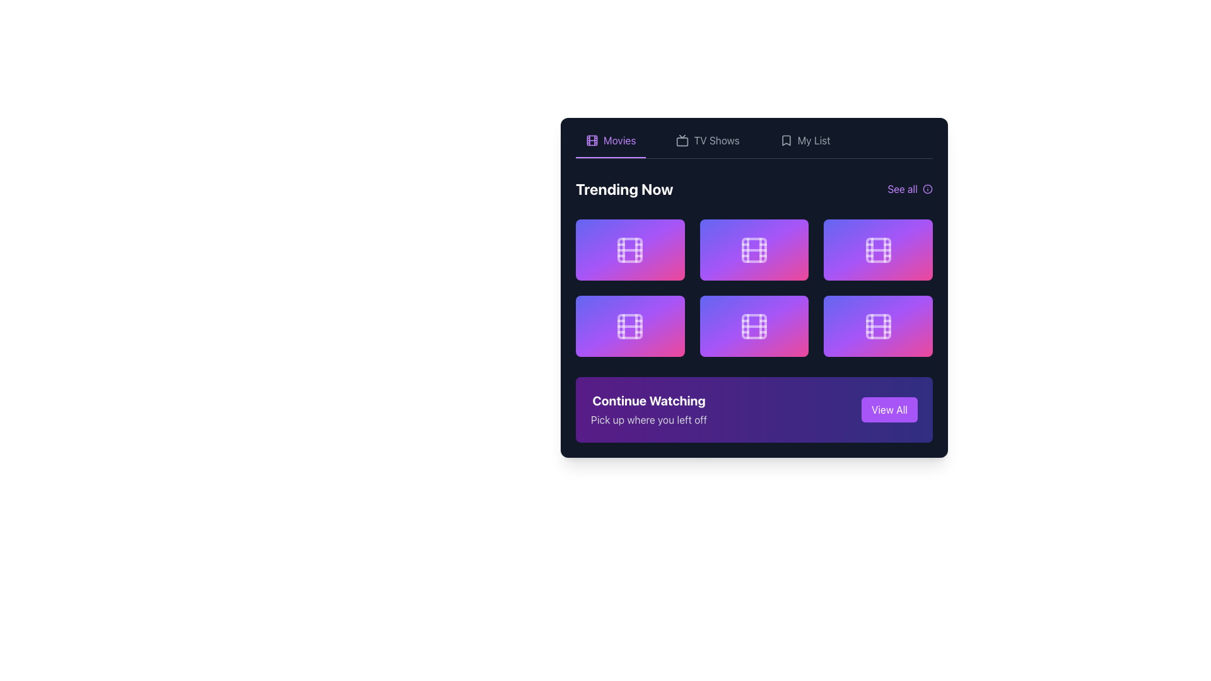 Image resolution: width=1211 pixels, height=681 pixels. Describe the element at coordinates (877, 325) in the screenshot. I see `the navigational button representing a media entry located in the third column and second row of the 'Trending Now' section` at that location.